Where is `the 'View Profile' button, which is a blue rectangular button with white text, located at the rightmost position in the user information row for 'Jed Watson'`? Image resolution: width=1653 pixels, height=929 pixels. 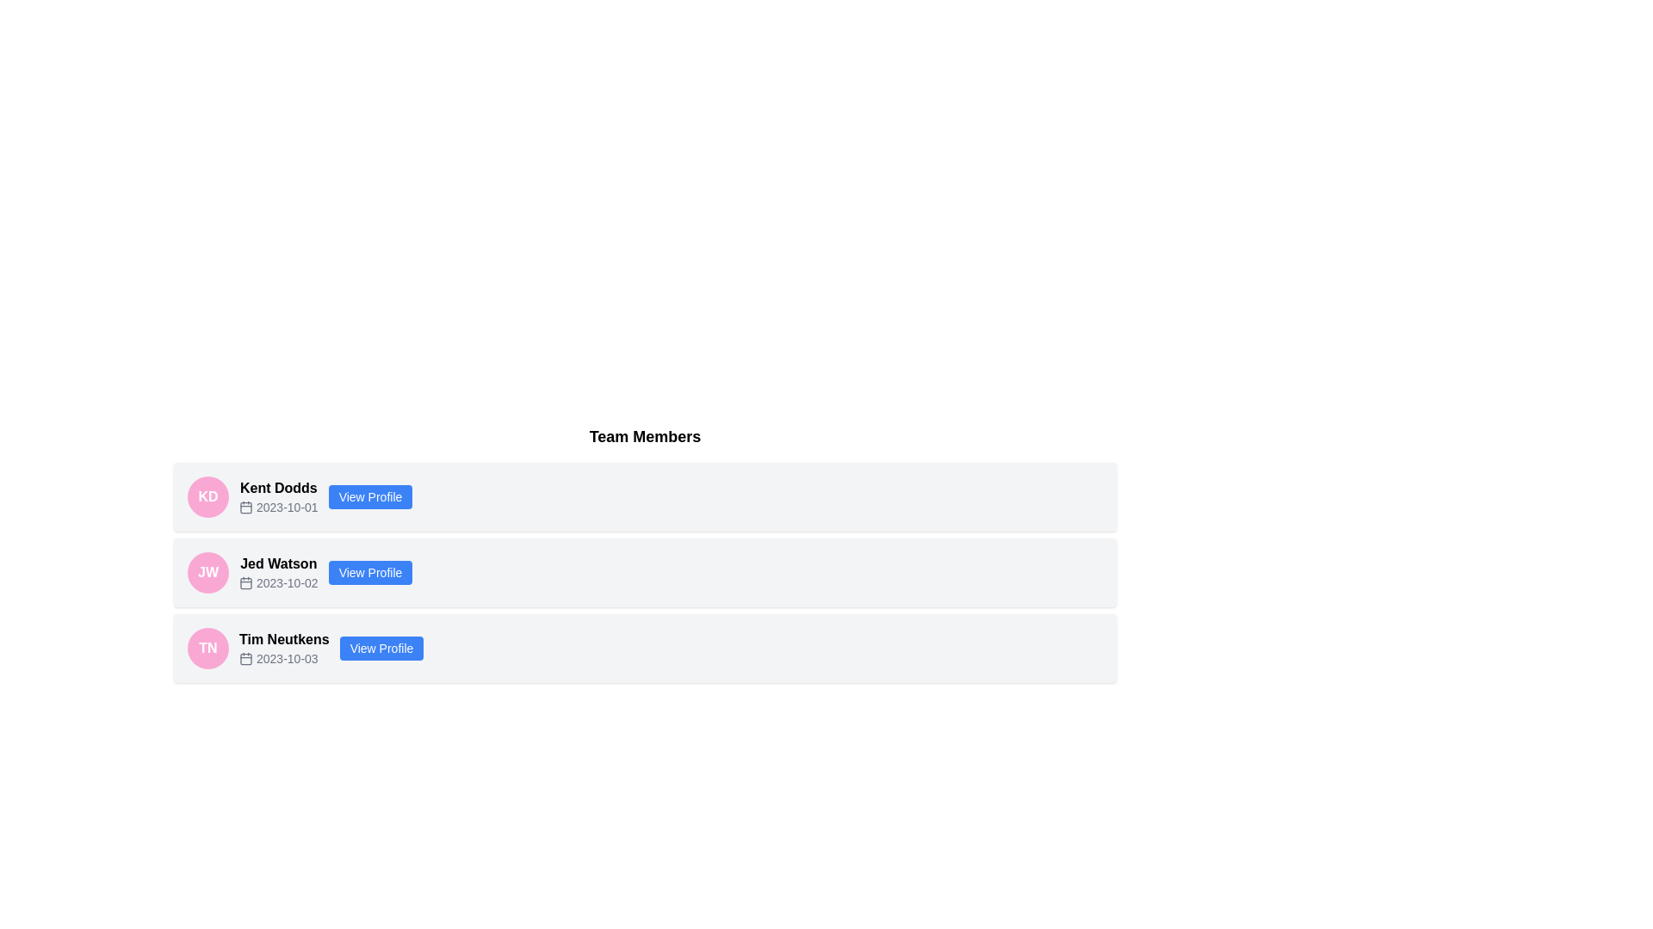 the 'View Profile' button, which is a blue rectangular button with white text, located at the rightmost position in the user information row for 'Jed Watson' is located at coordinates (369, 573).